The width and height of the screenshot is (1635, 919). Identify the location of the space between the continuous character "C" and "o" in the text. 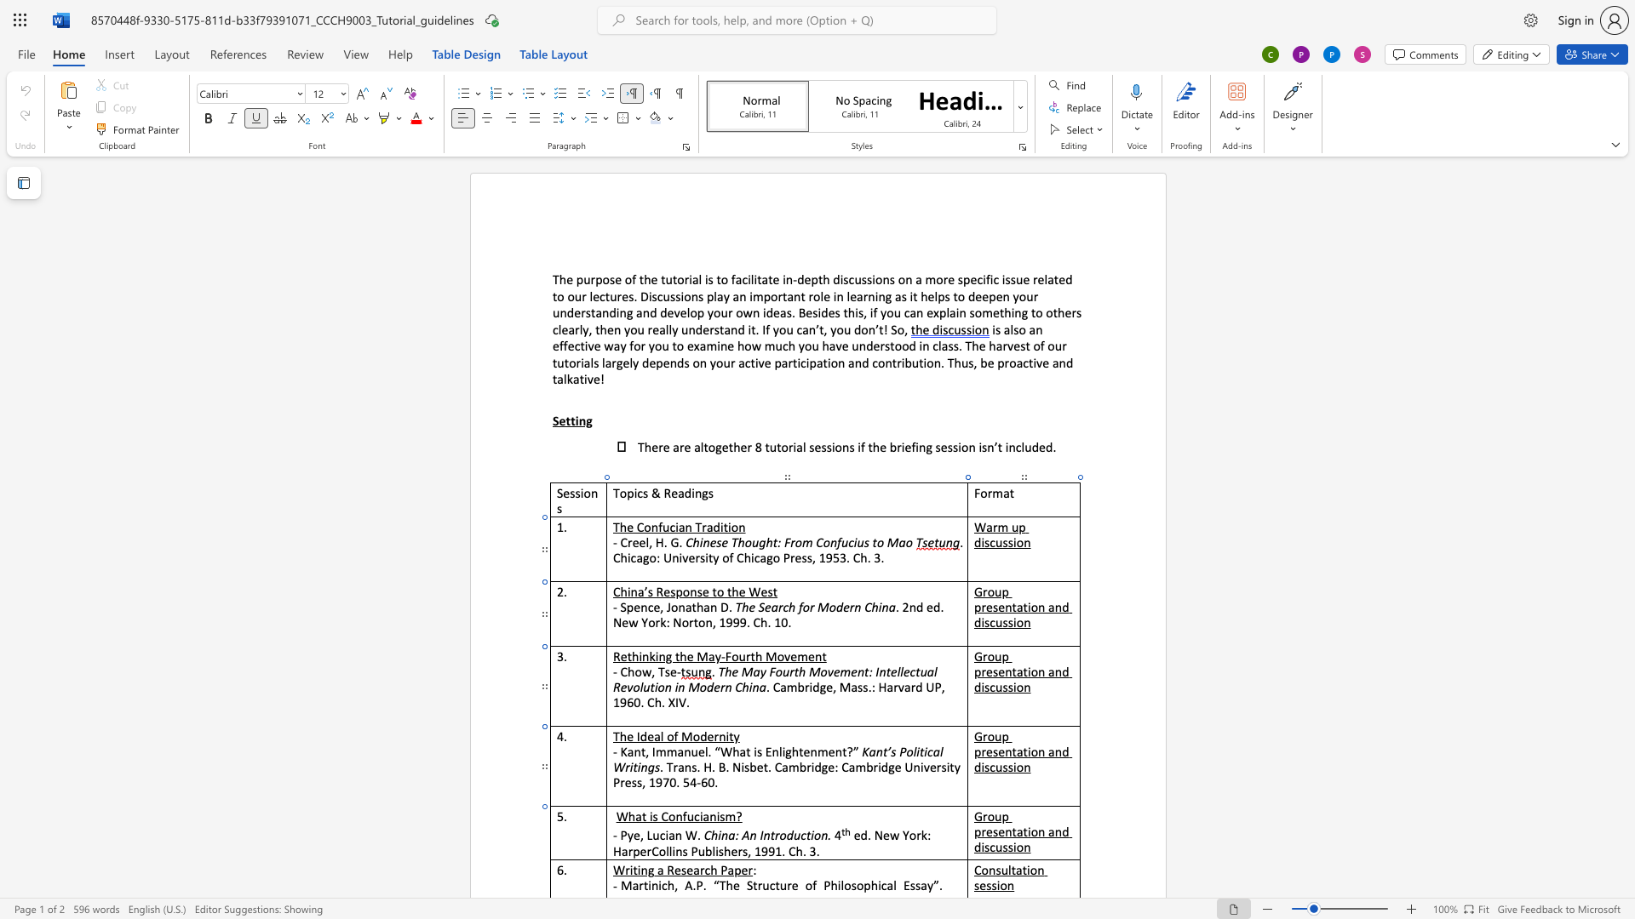
(667, 815).